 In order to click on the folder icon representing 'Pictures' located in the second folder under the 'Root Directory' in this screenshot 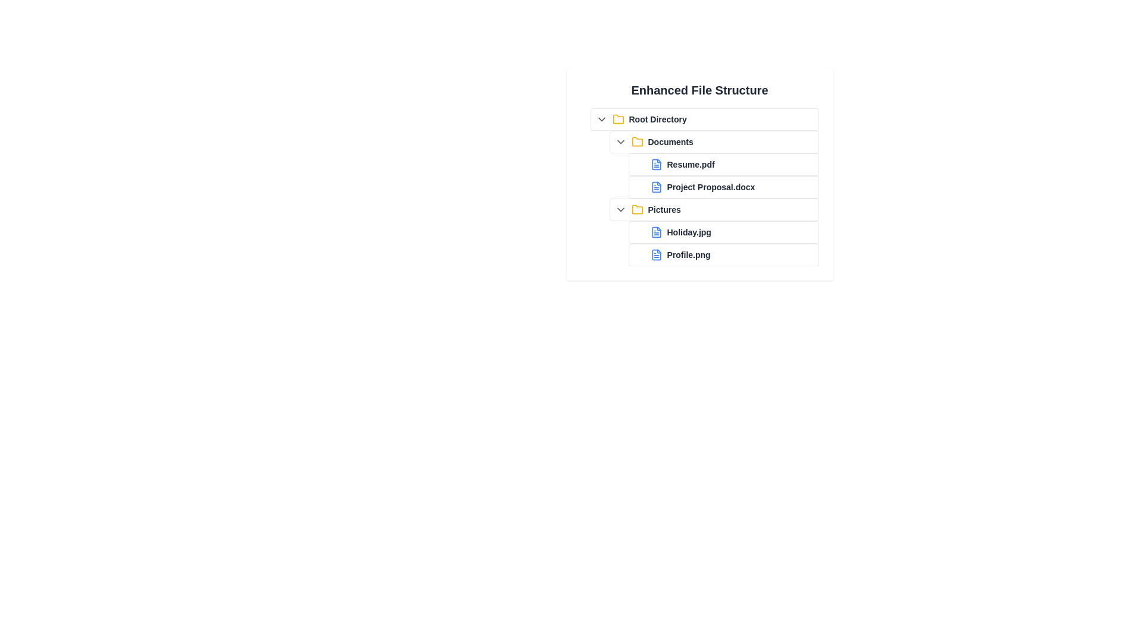, I will do `click(636, 208)`.